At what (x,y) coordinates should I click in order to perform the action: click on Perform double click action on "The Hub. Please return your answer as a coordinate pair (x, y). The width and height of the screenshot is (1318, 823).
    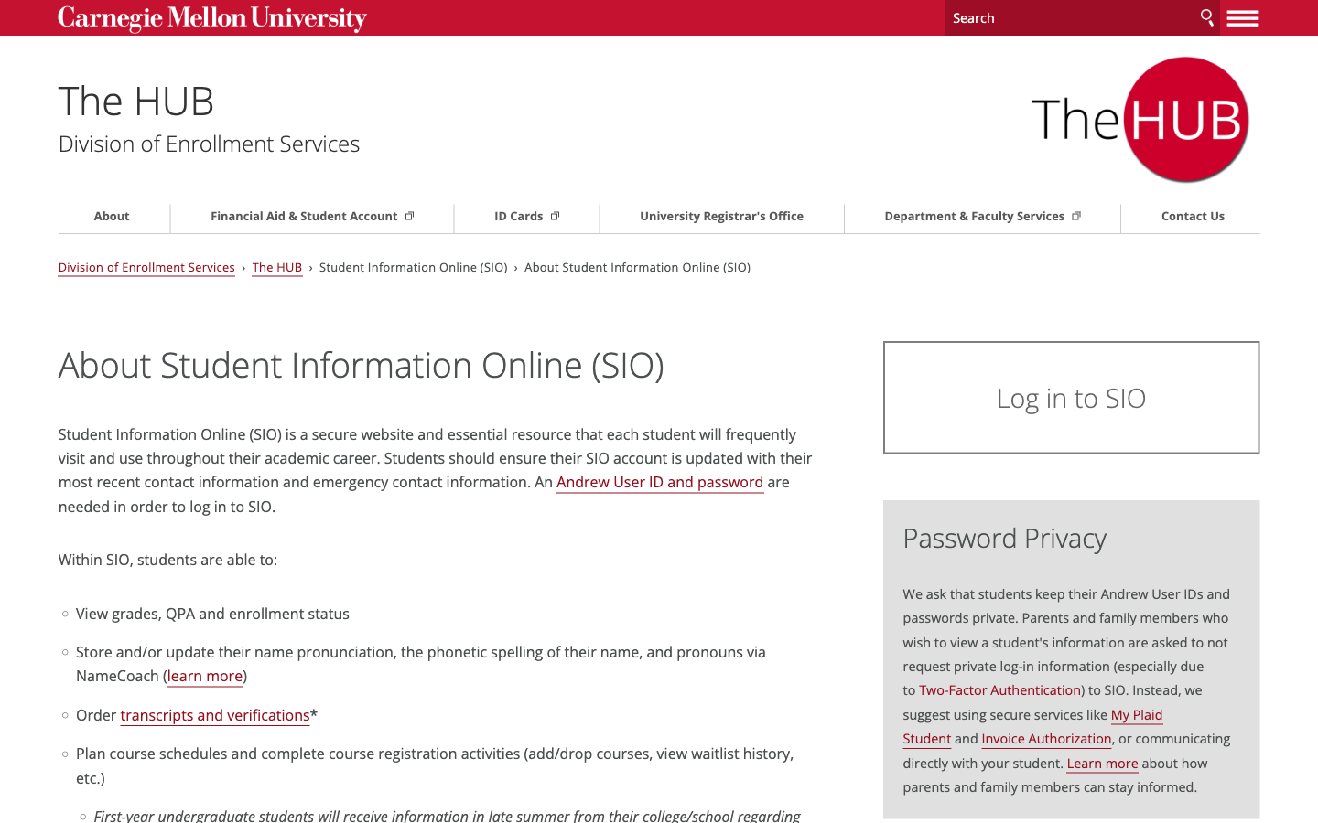
    Looking at the image, I should click on (189, 97).